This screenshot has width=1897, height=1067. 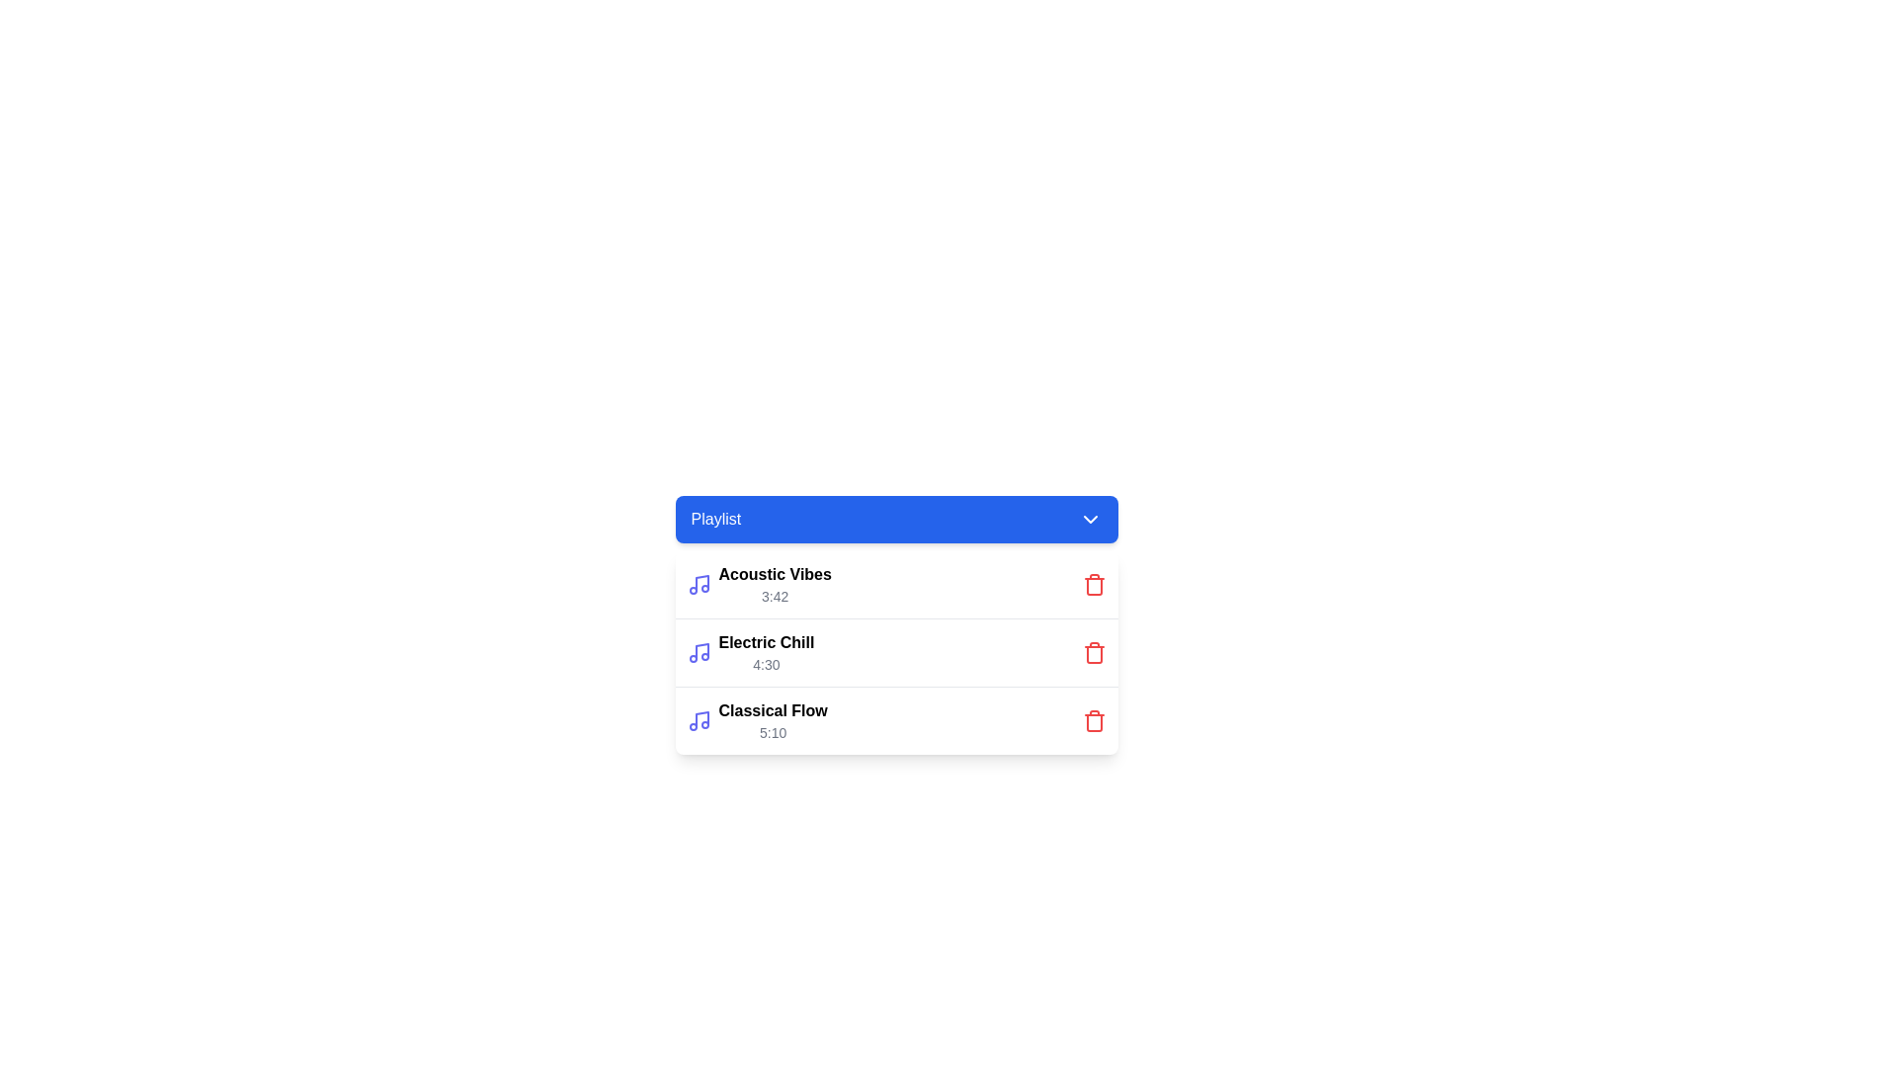 What do you see at coordinates (699, 720) in the screenshot?
I see `the leftmost icon in the third row of the playlist associated with 'Classical Flow', indicating it pertains to music or a track` at bounding box center [699, 720].